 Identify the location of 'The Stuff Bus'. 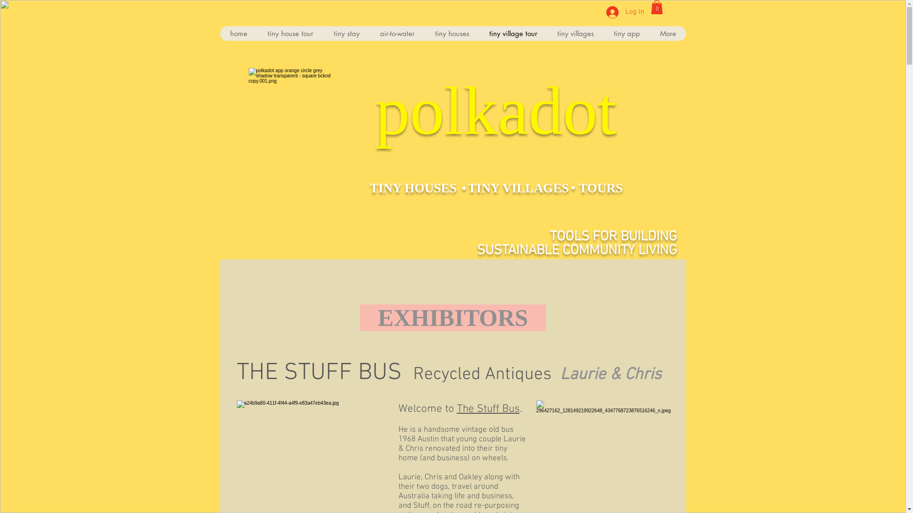
(488, 408).